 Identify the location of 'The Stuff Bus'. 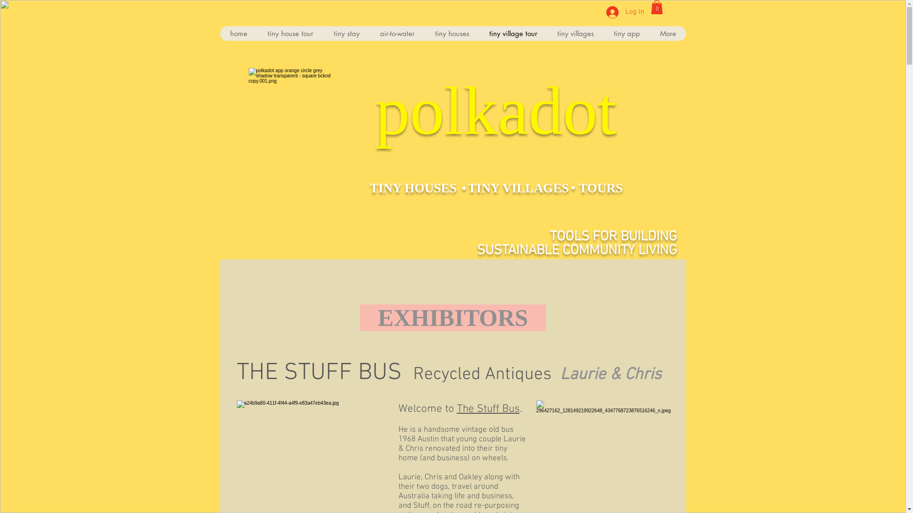
(488, 408).